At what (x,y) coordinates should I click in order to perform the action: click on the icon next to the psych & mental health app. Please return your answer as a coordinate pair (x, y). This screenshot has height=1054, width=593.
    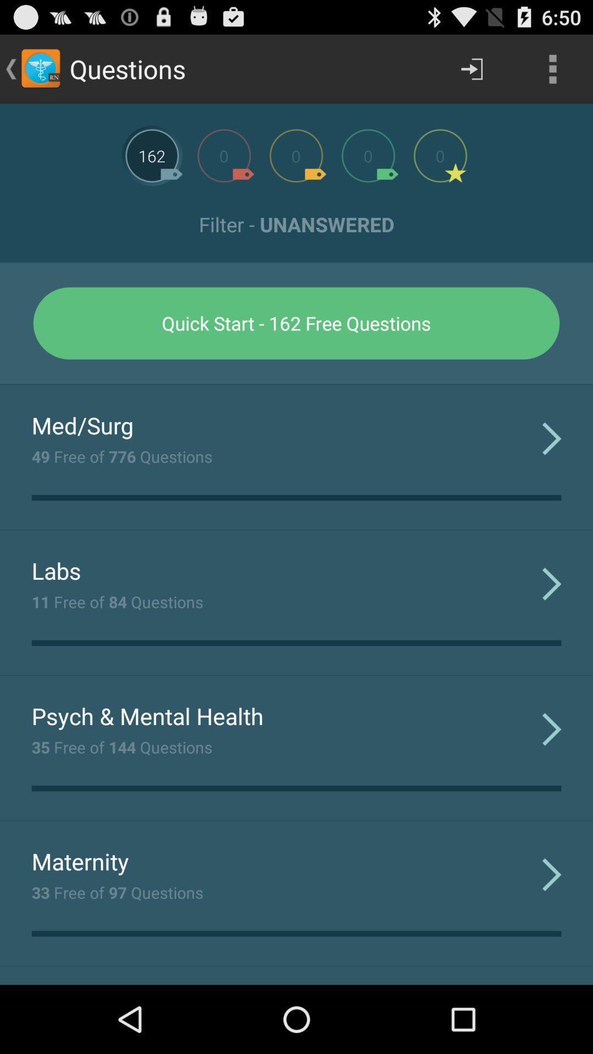
    Looking at the image, I should click on (552, 728).